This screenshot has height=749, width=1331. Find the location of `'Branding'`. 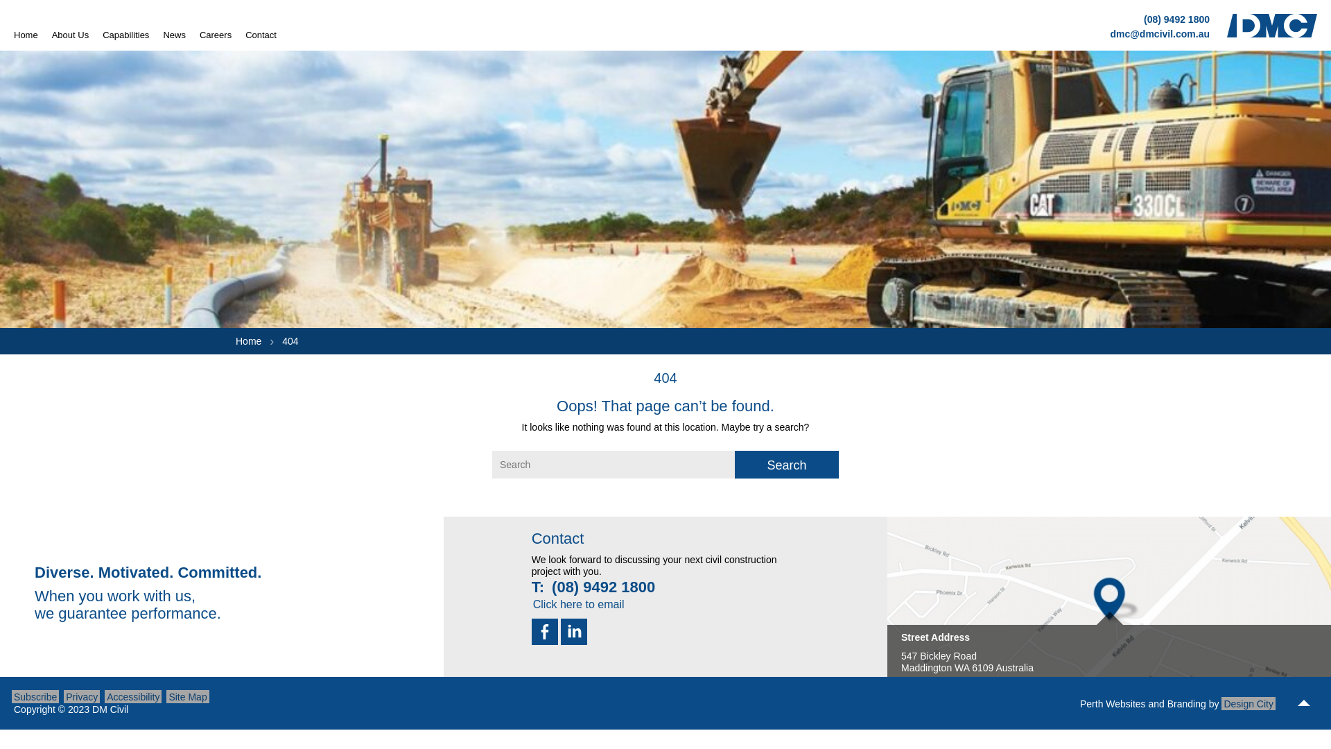

'Branding' is located at coordinates (1186, 703).